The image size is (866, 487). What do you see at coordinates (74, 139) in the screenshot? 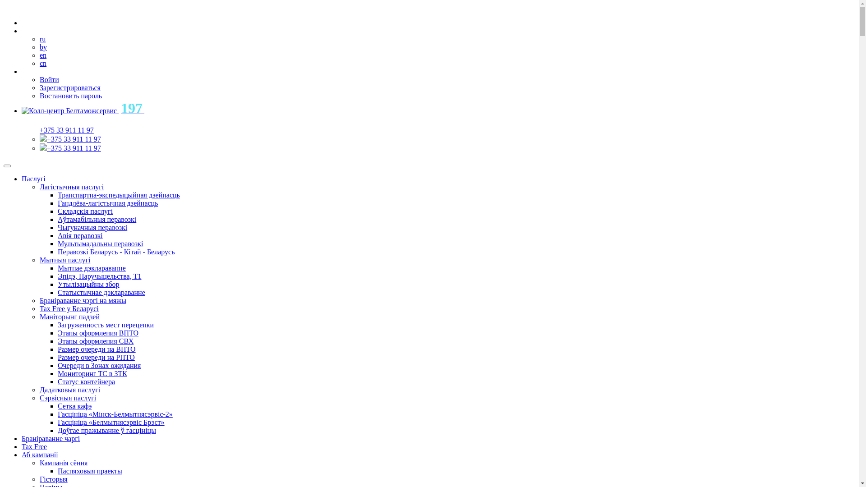
I see `'+375 33 911 11 97'` at bounding box center [74, 139].